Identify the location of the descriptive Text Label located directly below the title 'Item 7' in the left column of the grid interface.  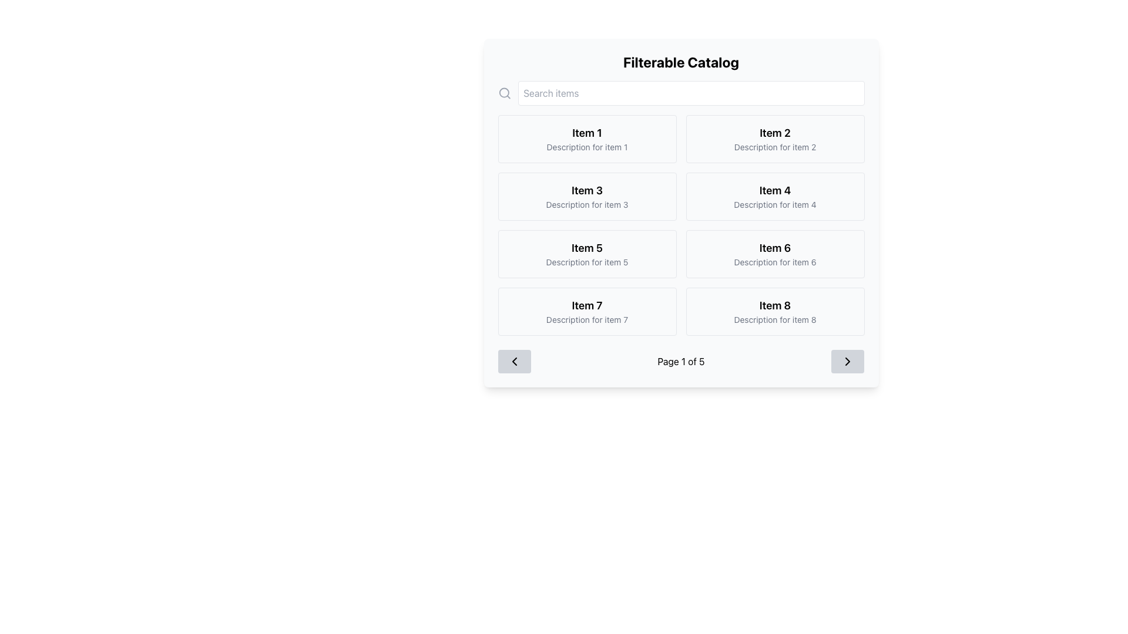
(587, 319).